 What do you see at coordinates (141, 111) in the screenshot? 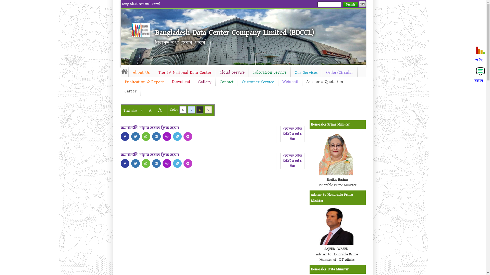
I see `'A'` at bounding box center [141, 111].